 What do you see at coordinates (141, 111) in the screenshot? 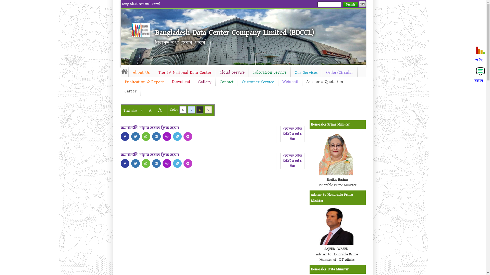
I see `'A'` at bounding box center [141, 111].